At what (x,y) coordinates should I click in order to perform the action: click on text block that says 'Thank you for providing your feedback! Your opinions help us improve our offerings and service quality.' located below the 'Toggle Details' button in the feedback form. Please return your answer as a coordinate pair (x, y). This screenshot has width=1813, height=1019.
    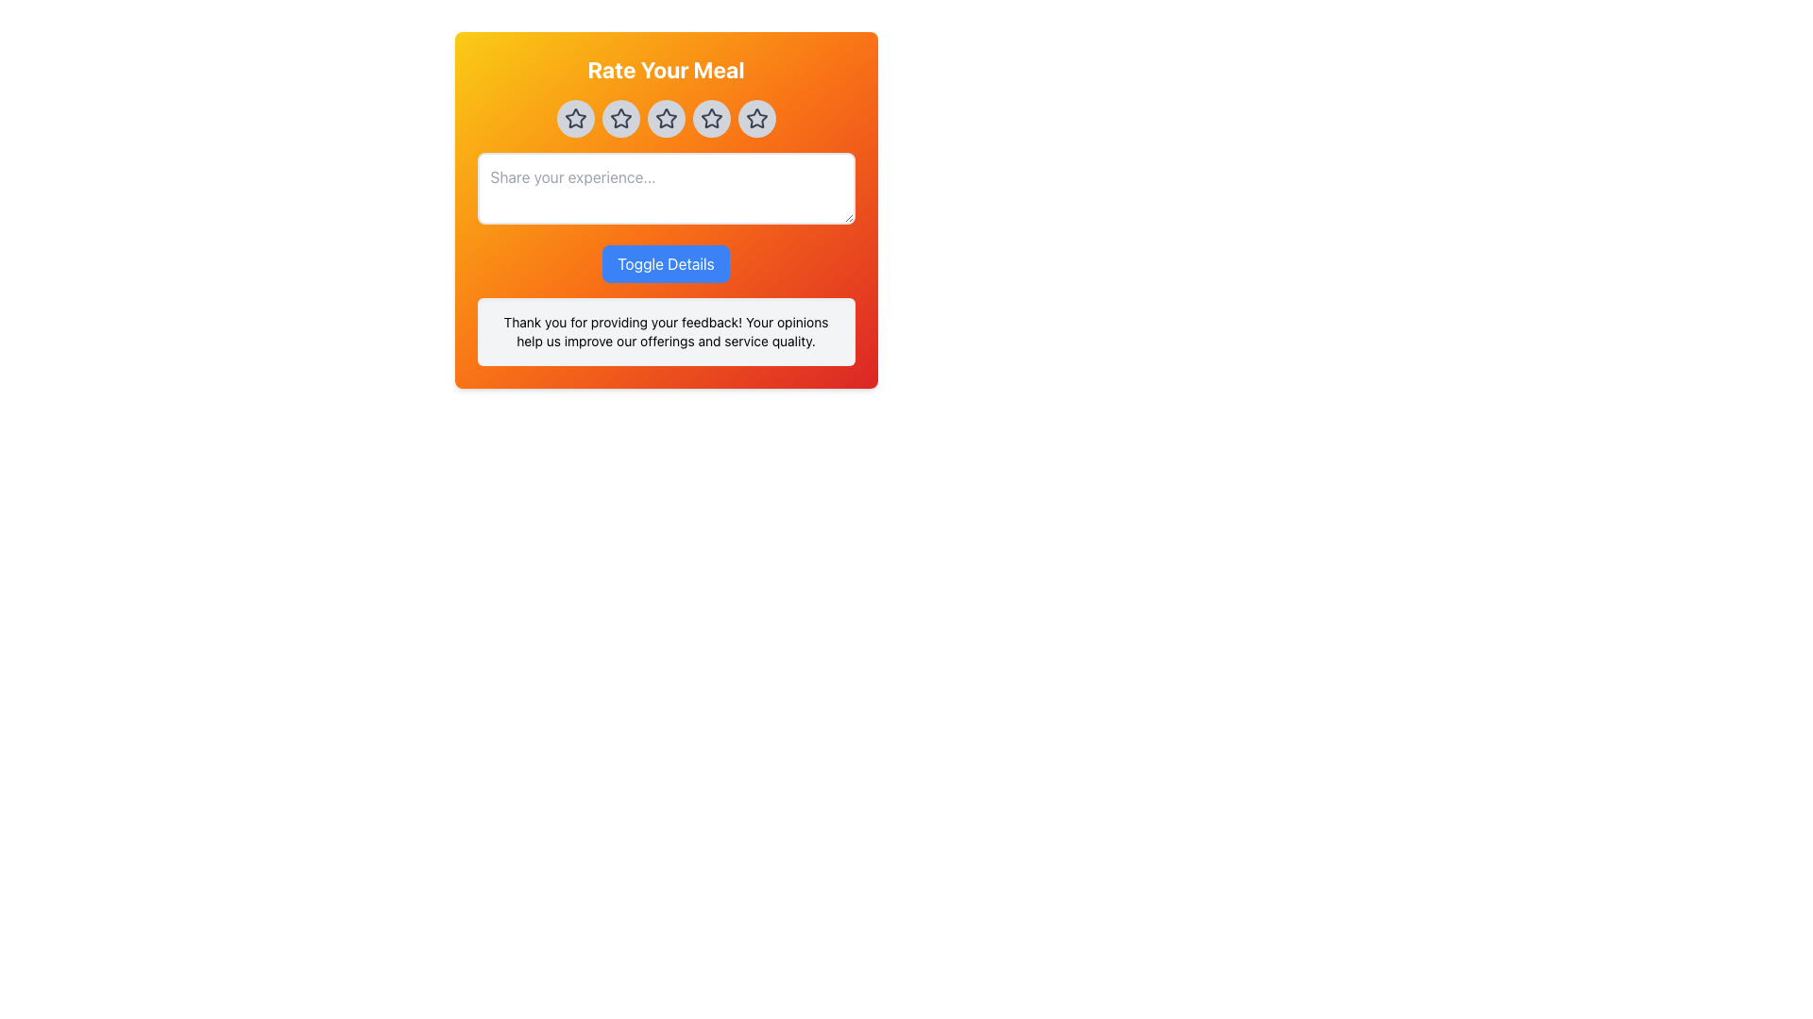
    Looking at the image, I should click on (666, 330).